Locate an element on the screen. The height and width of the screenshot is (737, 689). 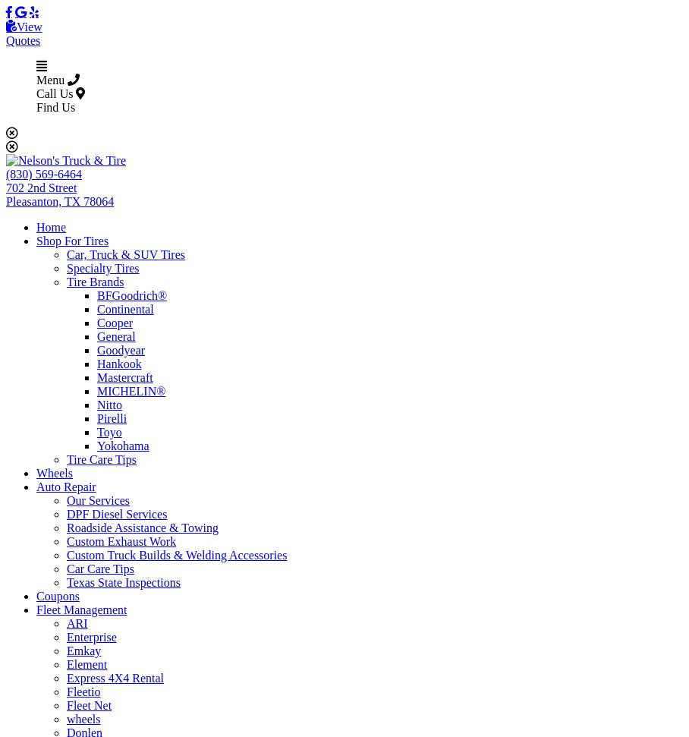
'ARI' is located at coordinates (76, 622).